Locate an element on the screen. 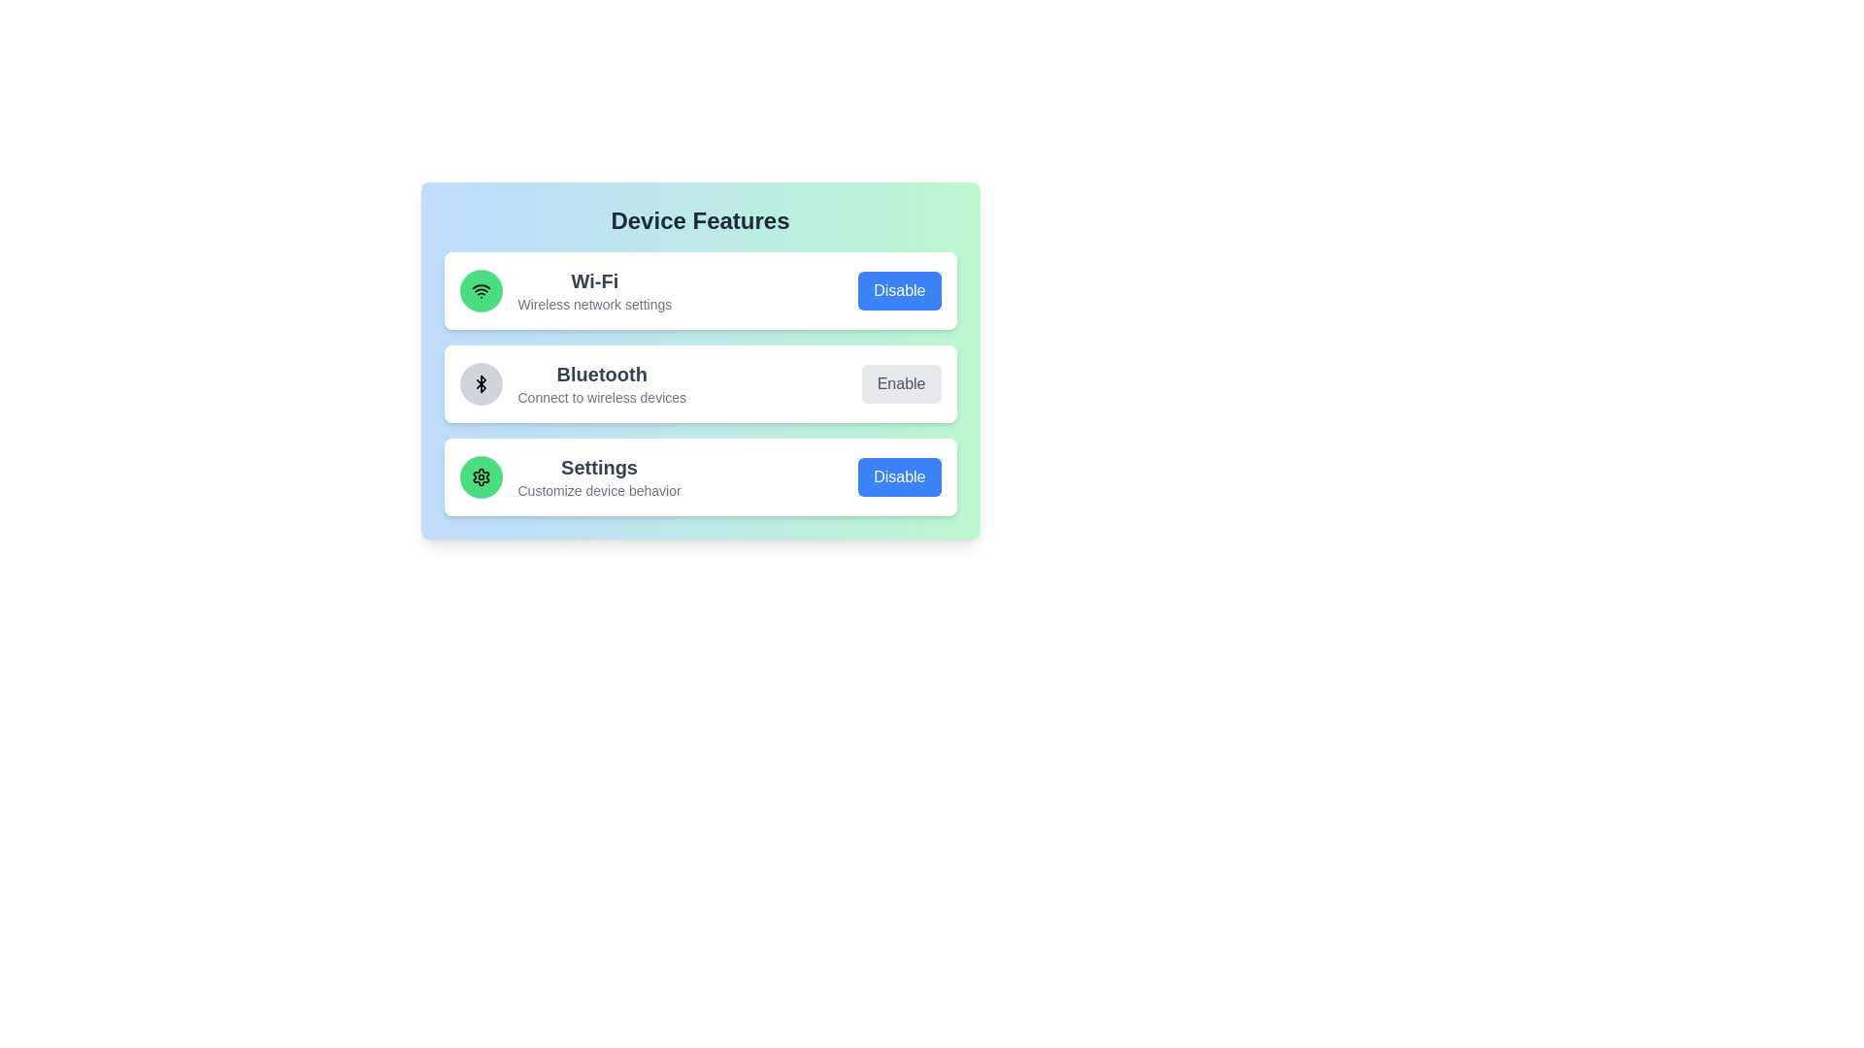  the icon representing the Wi-Fi feature is located at coordinates (481, 291).